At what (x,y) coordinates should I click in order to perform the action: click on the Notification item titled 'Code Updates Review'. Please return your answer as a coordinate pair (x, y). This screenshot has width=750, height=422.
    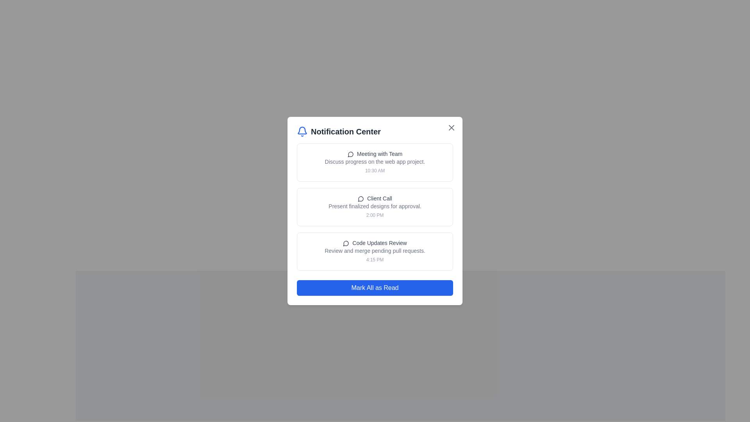
    Looking at the image, I should click on (375, 252).